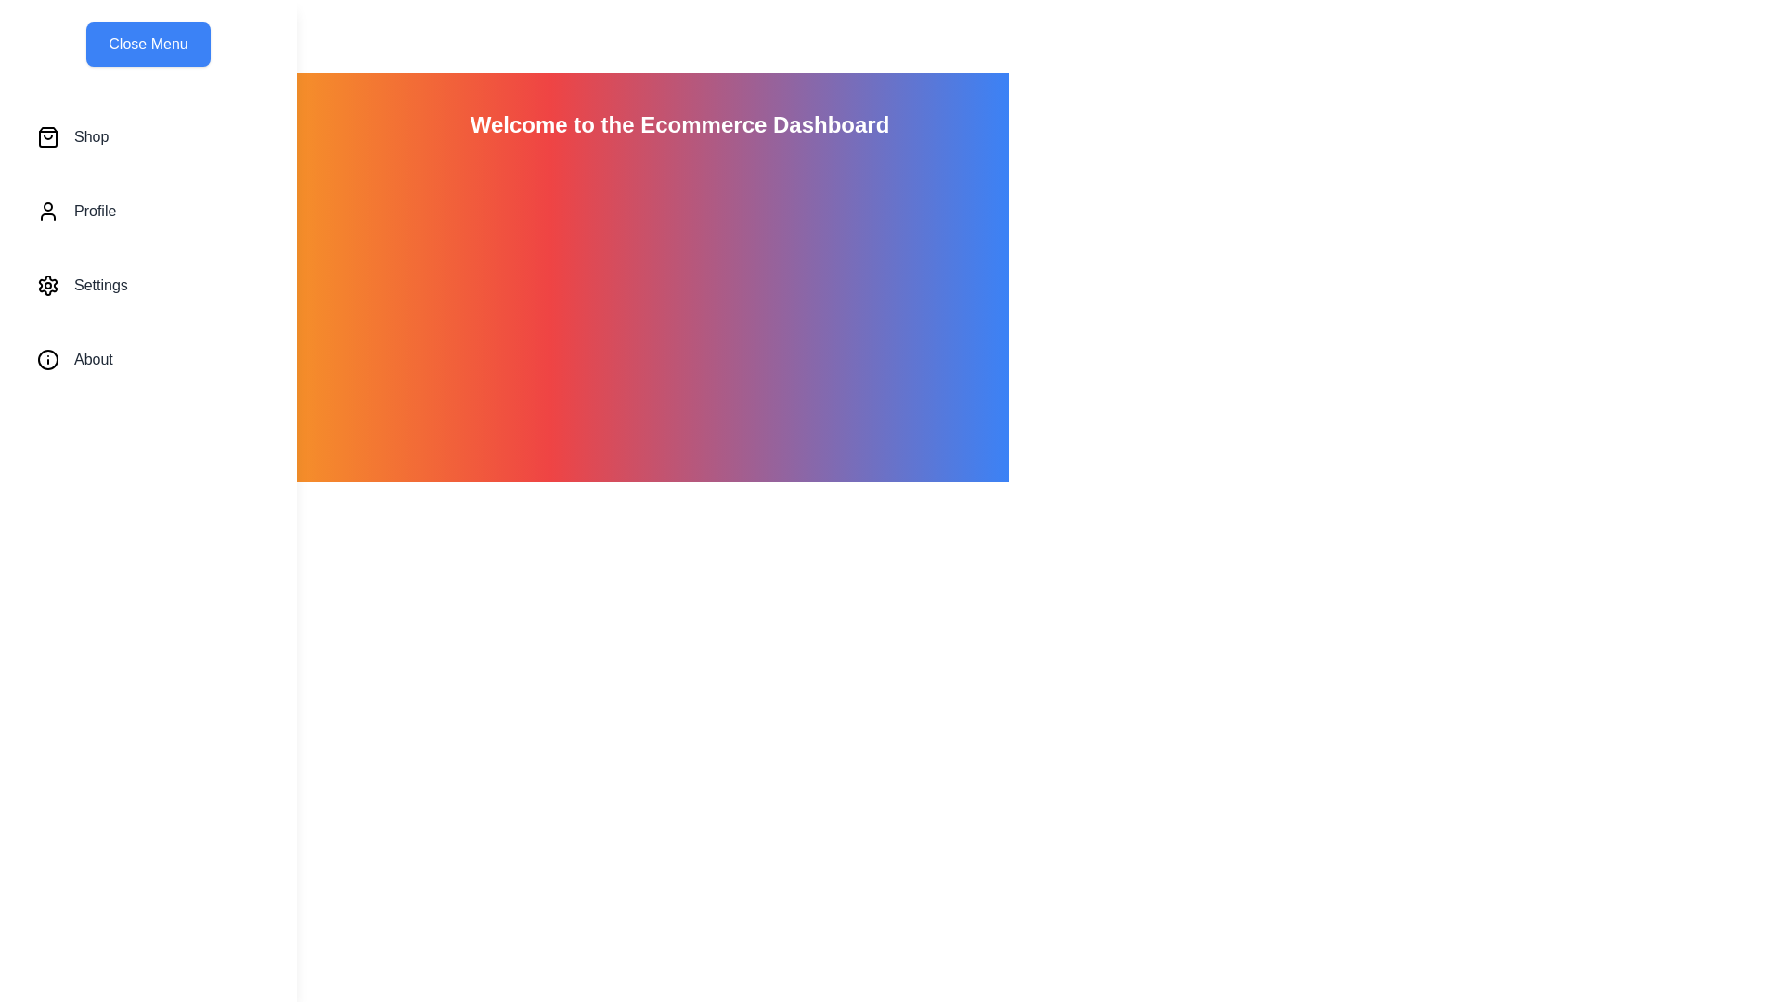 The width and height of the screenshot is (1782, 1002). Describe the element at coordinates (147, 210) in the screenshot. I see `the menu item Profile to highlight it` at that location.